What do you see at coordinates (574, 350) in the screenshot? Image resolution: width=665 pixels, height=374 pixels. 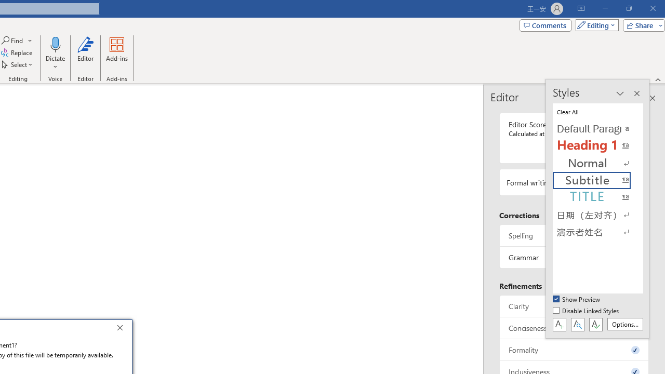 I see `'Formality, 0 issues. Press space or enter to review items.'` at bounding box center [574, 350].